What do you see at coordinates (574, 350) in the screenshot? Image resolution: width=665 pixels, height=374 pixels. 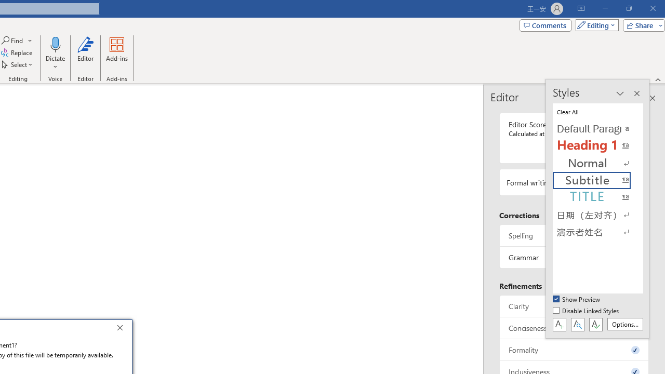 I see `'Formality, 0 issues. Press space or enter to review items.'` at bounding box center [574, 350].